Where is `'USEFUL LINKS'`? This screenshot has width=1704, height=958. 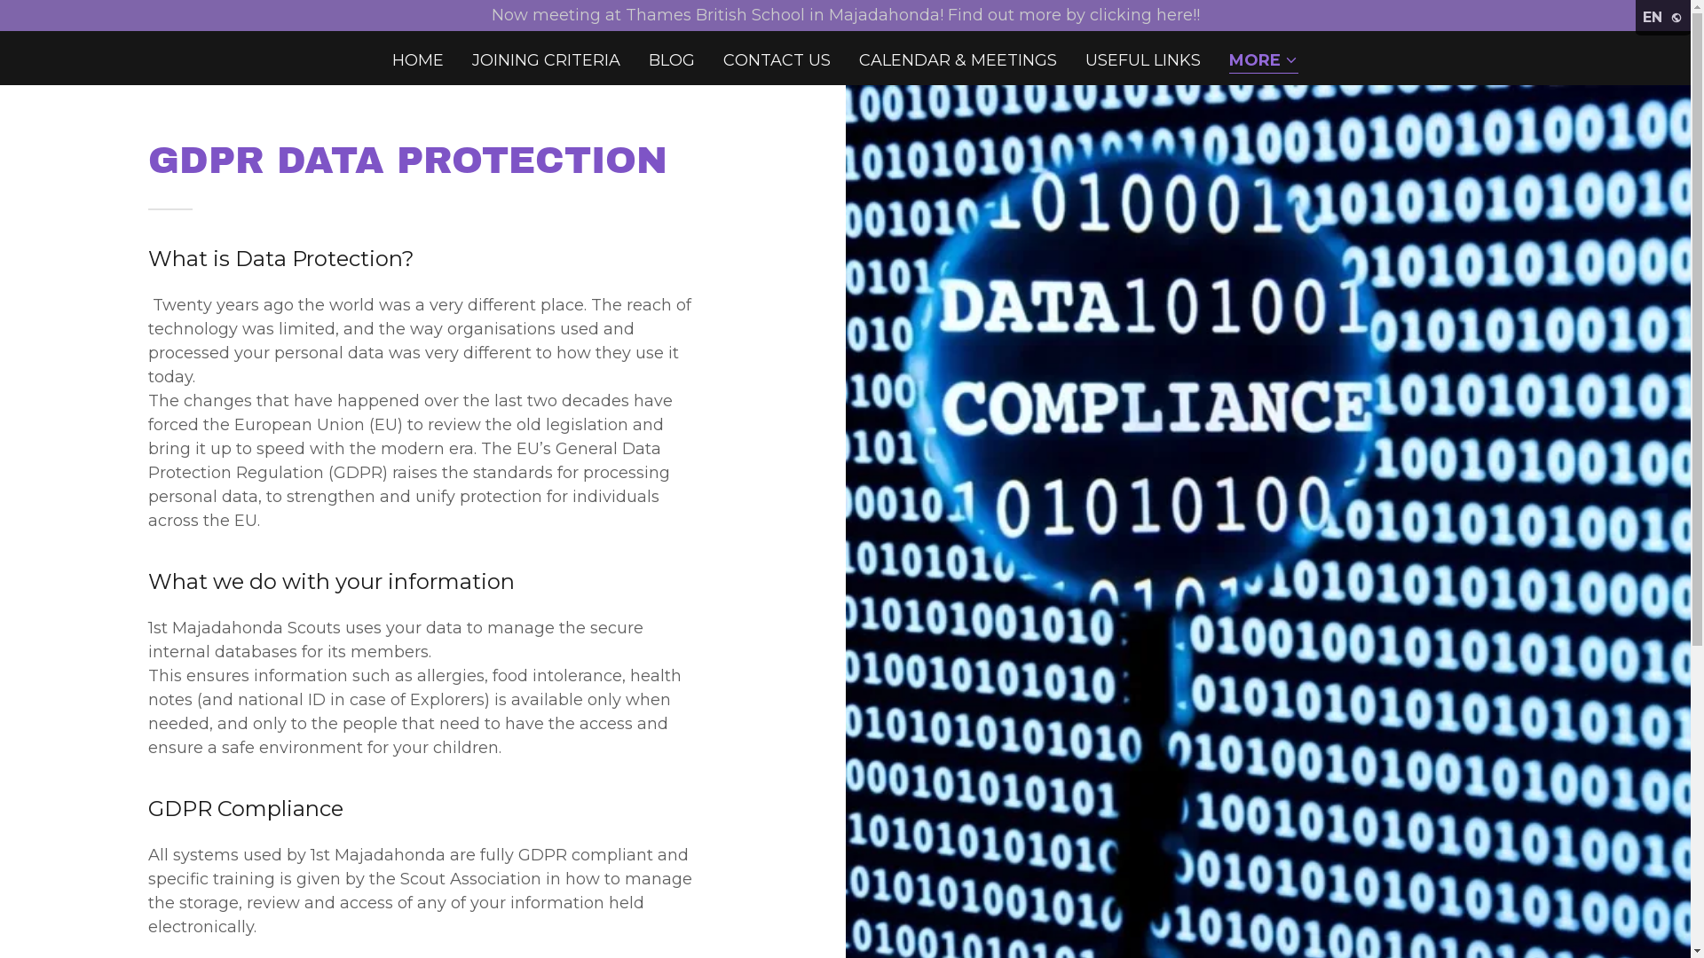 'USEFUL LINKS' is located at coordinates (1142, 59).